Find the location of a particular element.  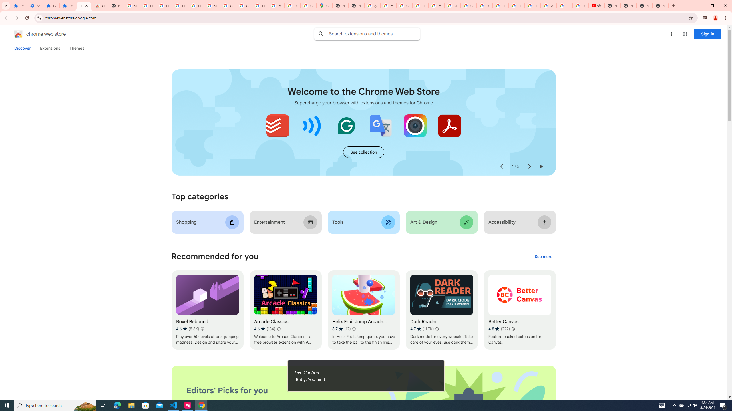

'Entertainment' is located at coordinates (285, 222).